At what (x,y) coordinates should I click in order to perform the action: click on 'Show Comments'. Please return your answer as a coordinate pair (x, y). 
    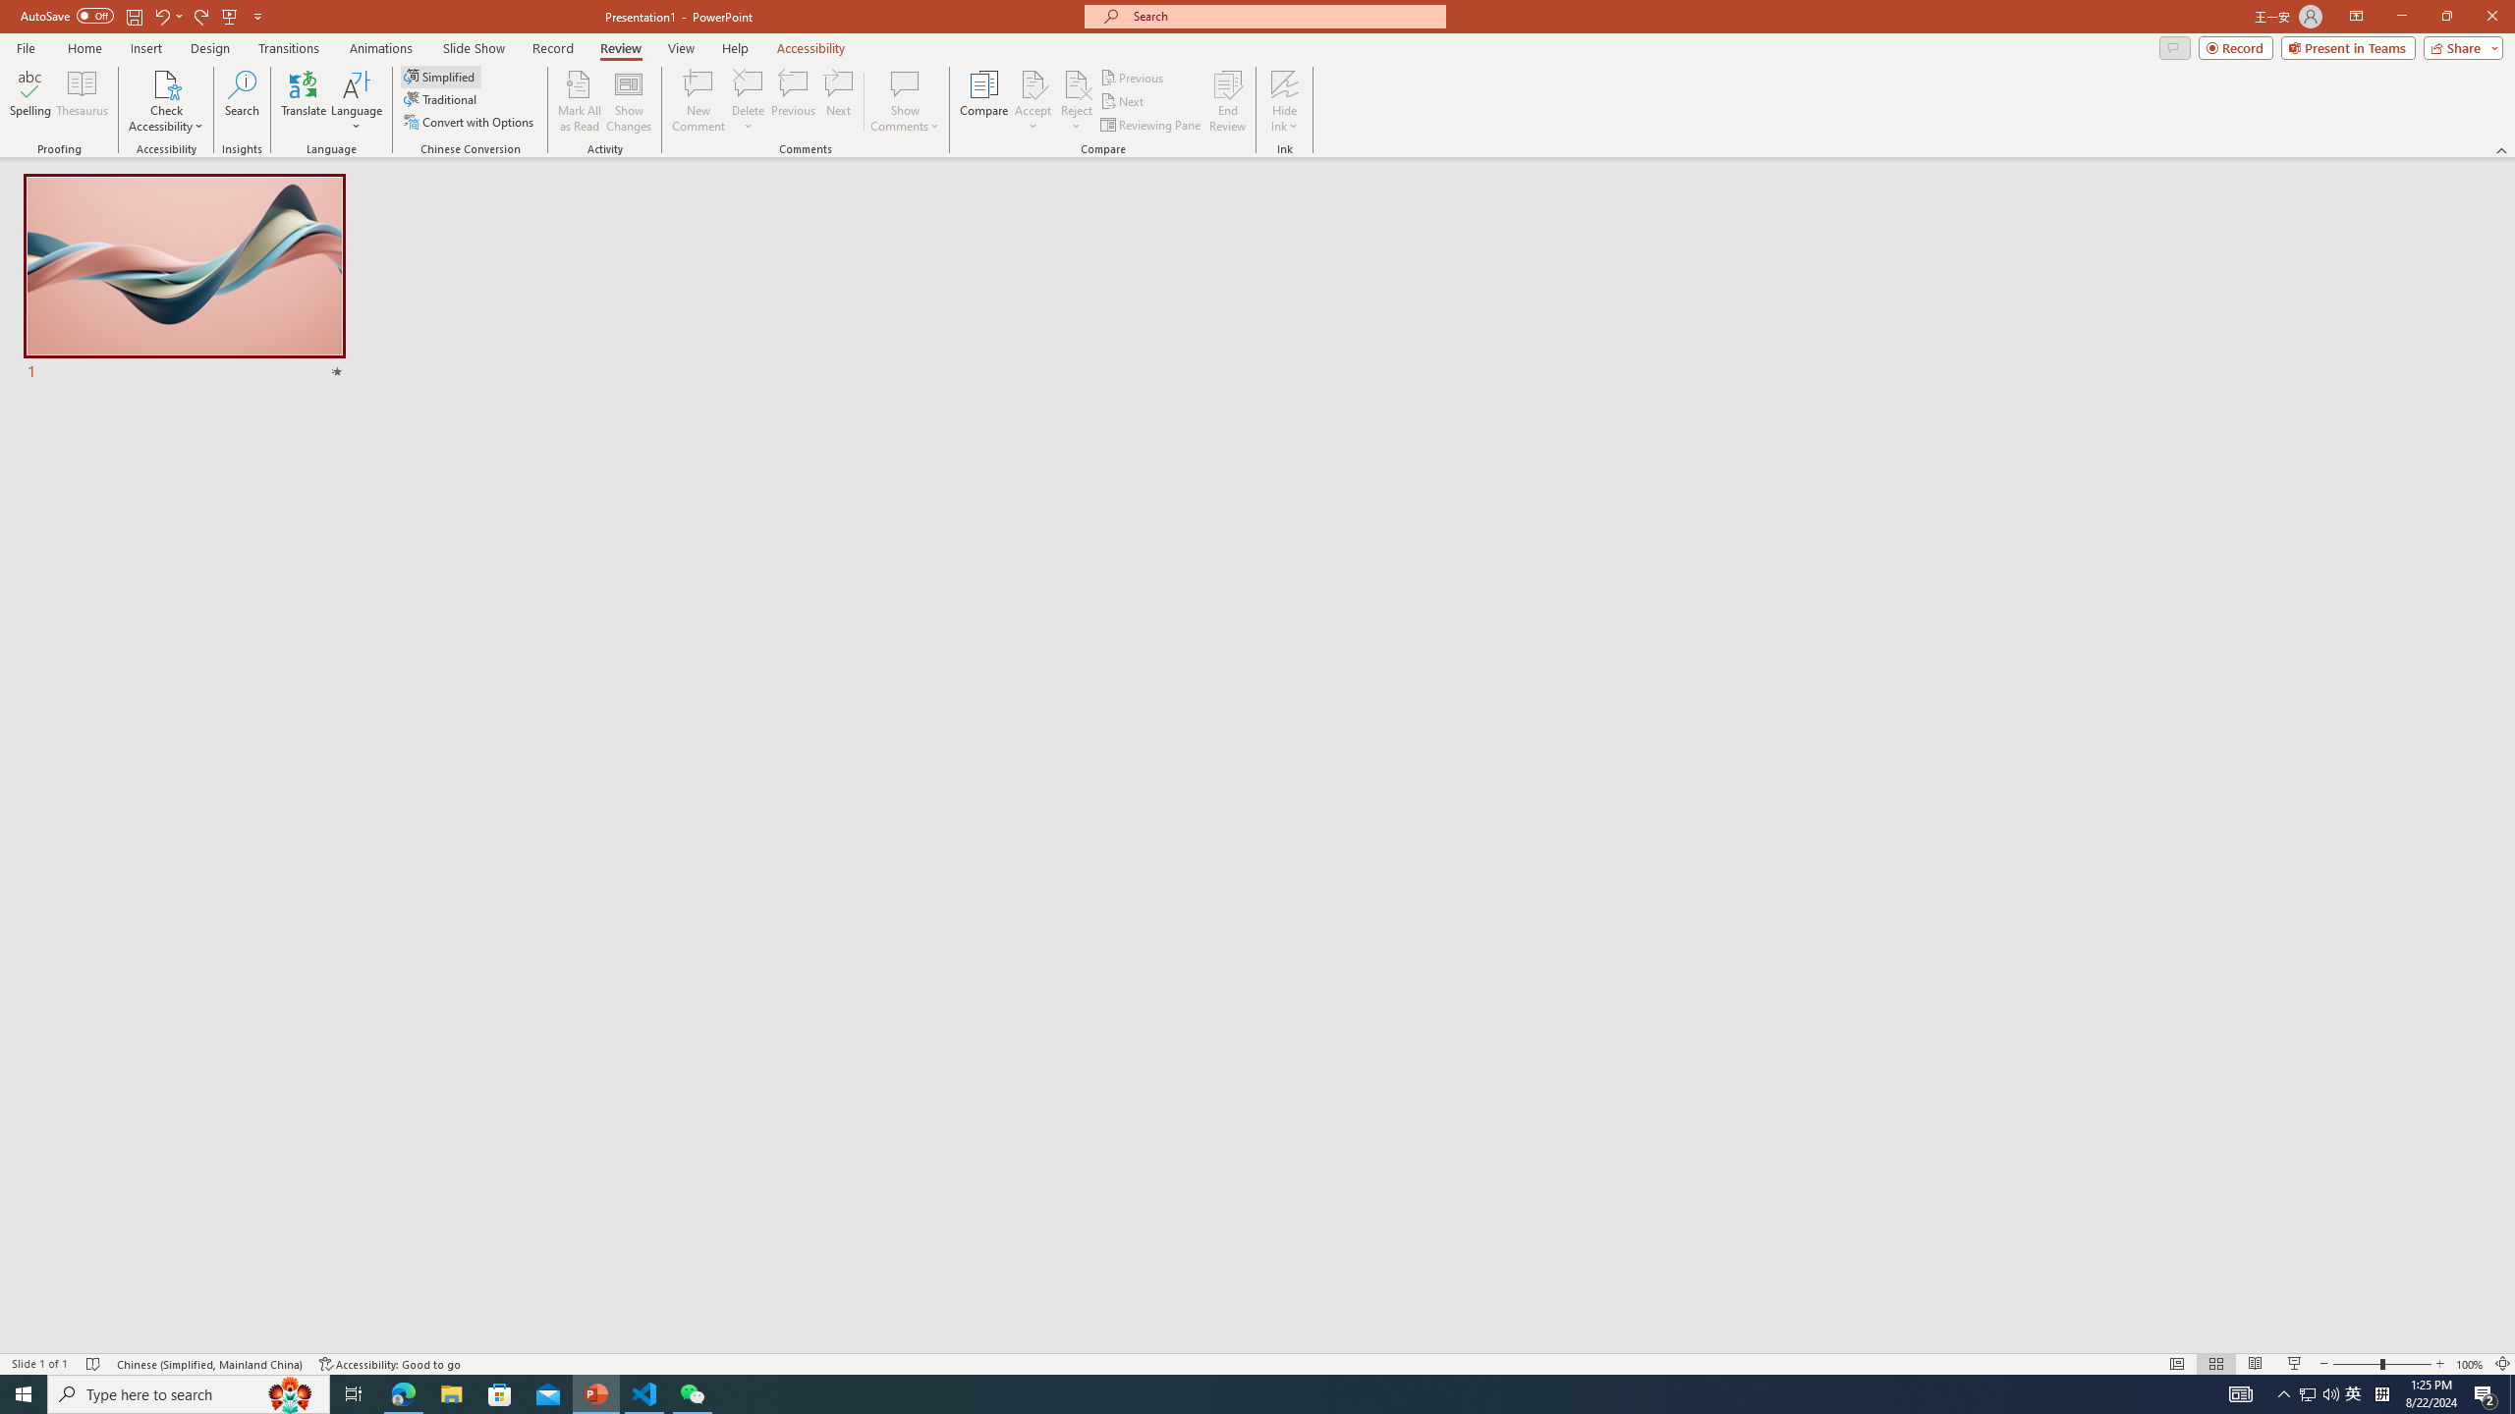
    Looking at the image, I should click on (905, 82).